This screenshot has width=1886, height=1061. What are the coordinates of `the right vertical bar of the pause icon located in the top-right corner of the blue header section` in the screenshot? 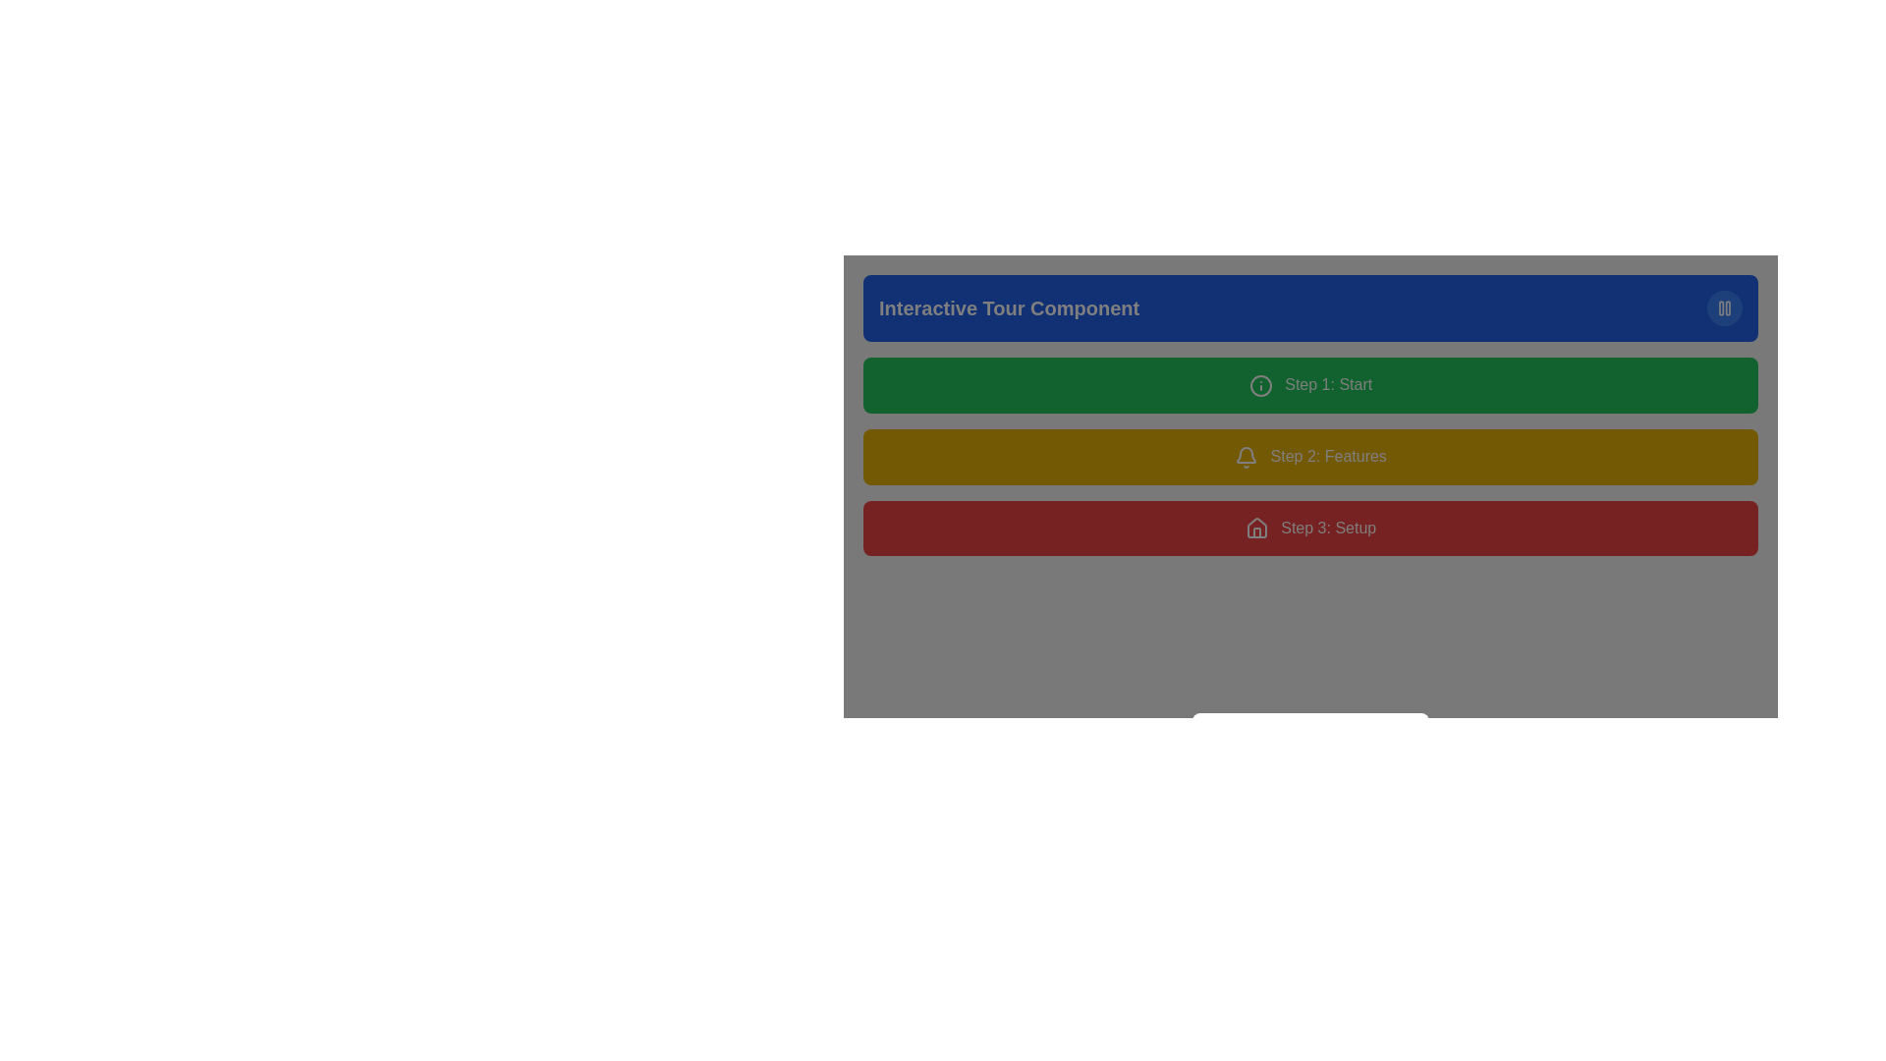 It's located at (1726, 307).